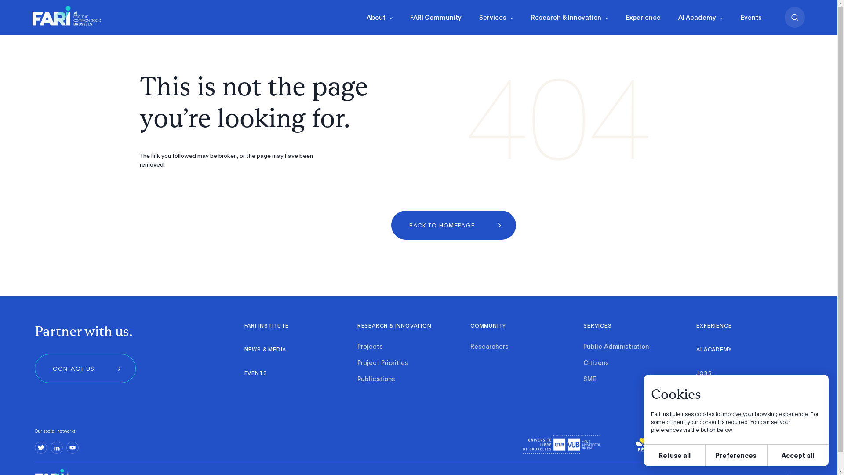 This screenshot has width=844, height=475. What do you see at coordinates (394, 326) in the screenshot?
I see `'RESEARCH & INNOVATION'` at bounding box center [394, 326].